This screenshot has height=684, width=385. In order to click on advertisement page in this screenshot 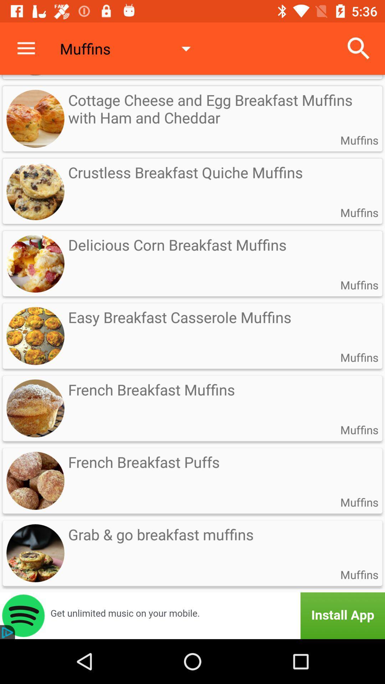, I will do `click(192, 615)`.